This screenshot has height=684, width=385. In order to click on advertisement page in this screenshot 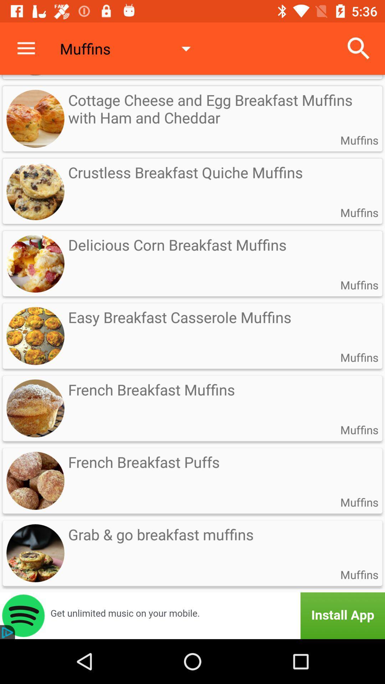, I will do `click(192, 615)`.